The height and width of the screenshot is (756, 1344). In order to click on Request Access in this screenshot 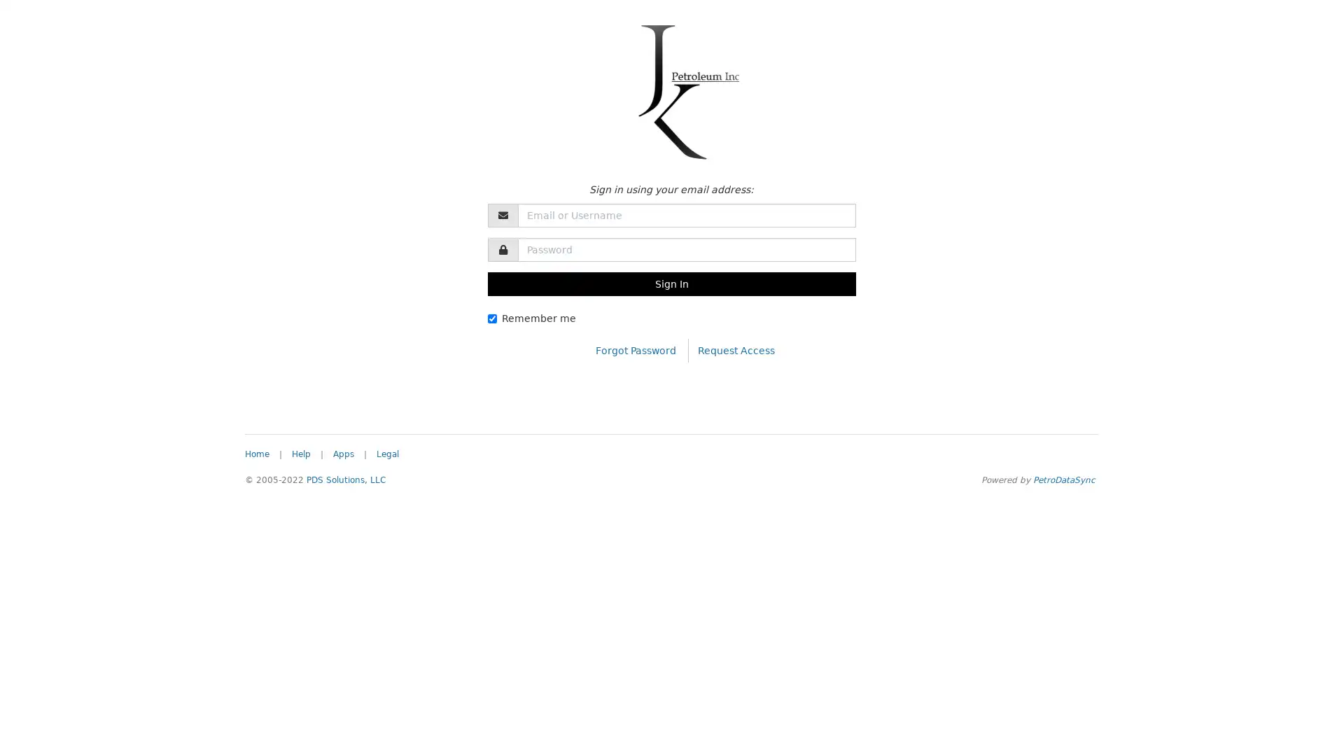, I will do `click(735, 349)`.